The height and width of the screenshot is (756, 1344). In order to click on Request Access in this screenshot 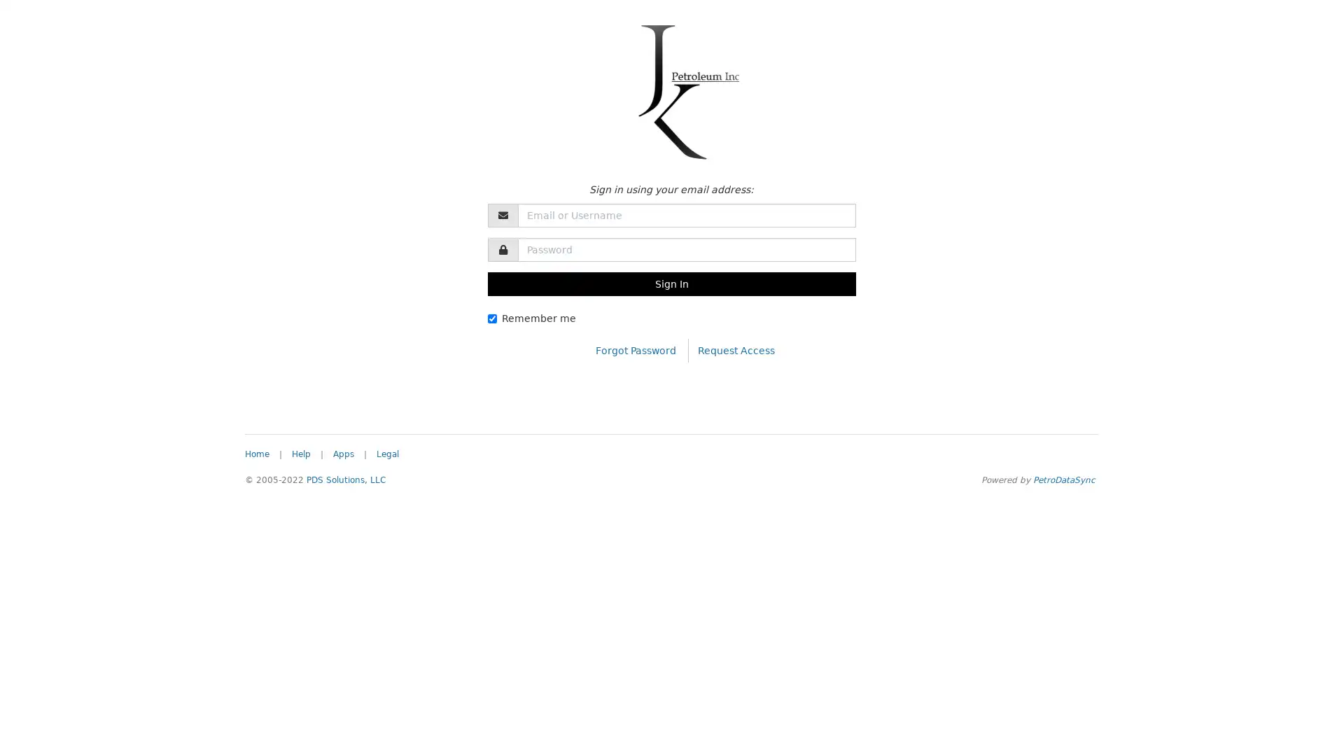, I will do `click(735, 349)`.